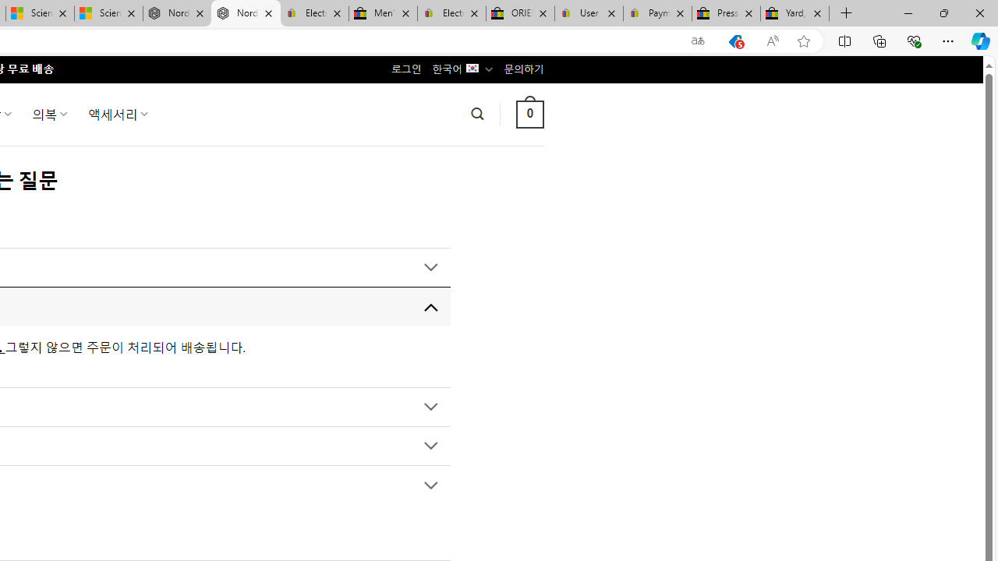 The width and height of the screenshot is (998, 561). What do you see at coordinates (725, 13) in the screenshot?
I see `'Press Room - eBay Inc.'` at bounding box center [725, 13].